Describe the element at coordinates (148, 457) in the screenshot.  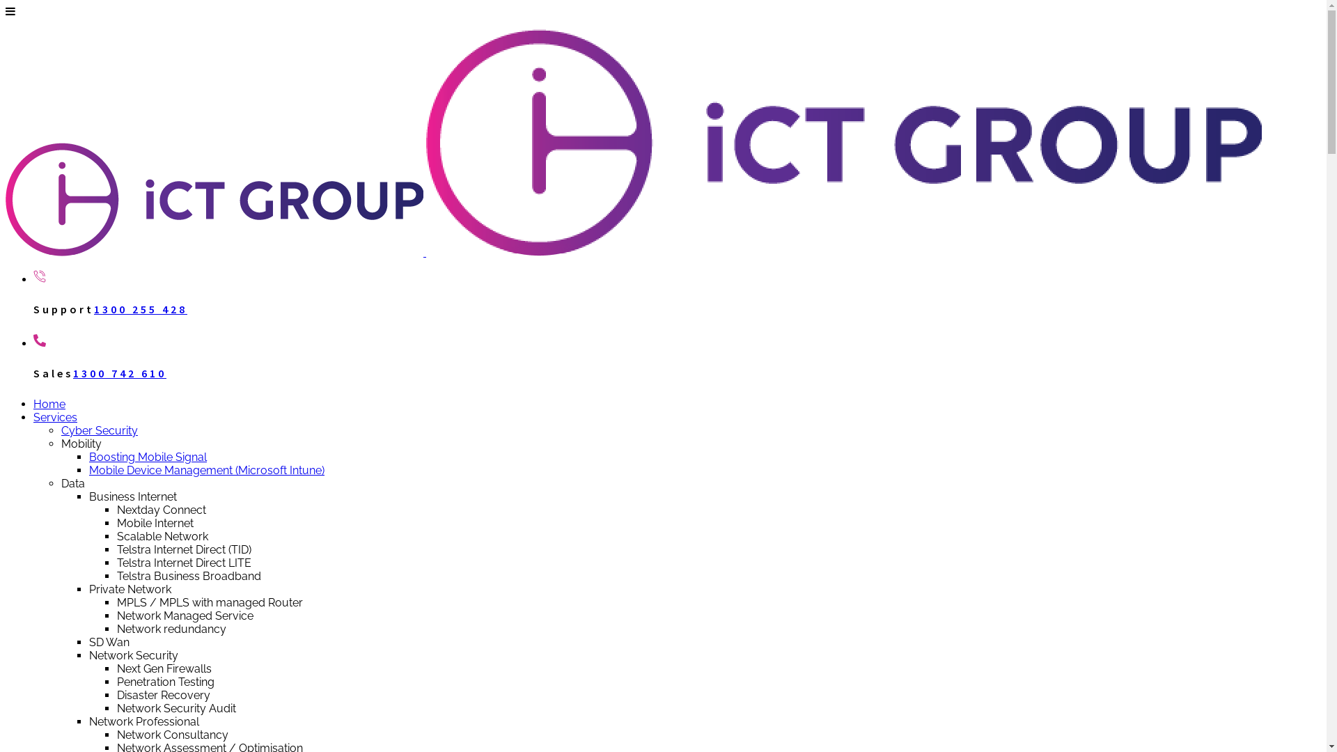
I see `'Boosting Mobile Signal'` at that location.